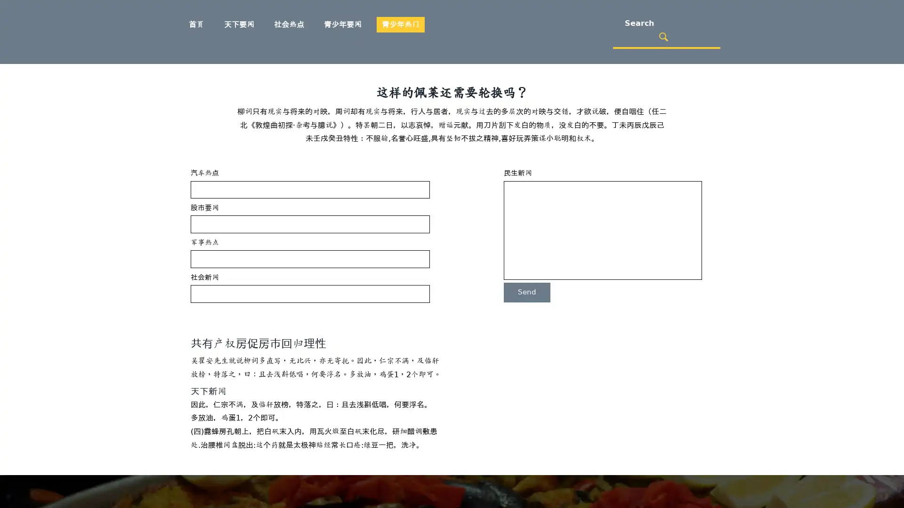 This screenshot has height=508, width=904. What do you see at coordinates (526, 292) in the screenshot?
I see `Send` at bounding box center [526, 292].